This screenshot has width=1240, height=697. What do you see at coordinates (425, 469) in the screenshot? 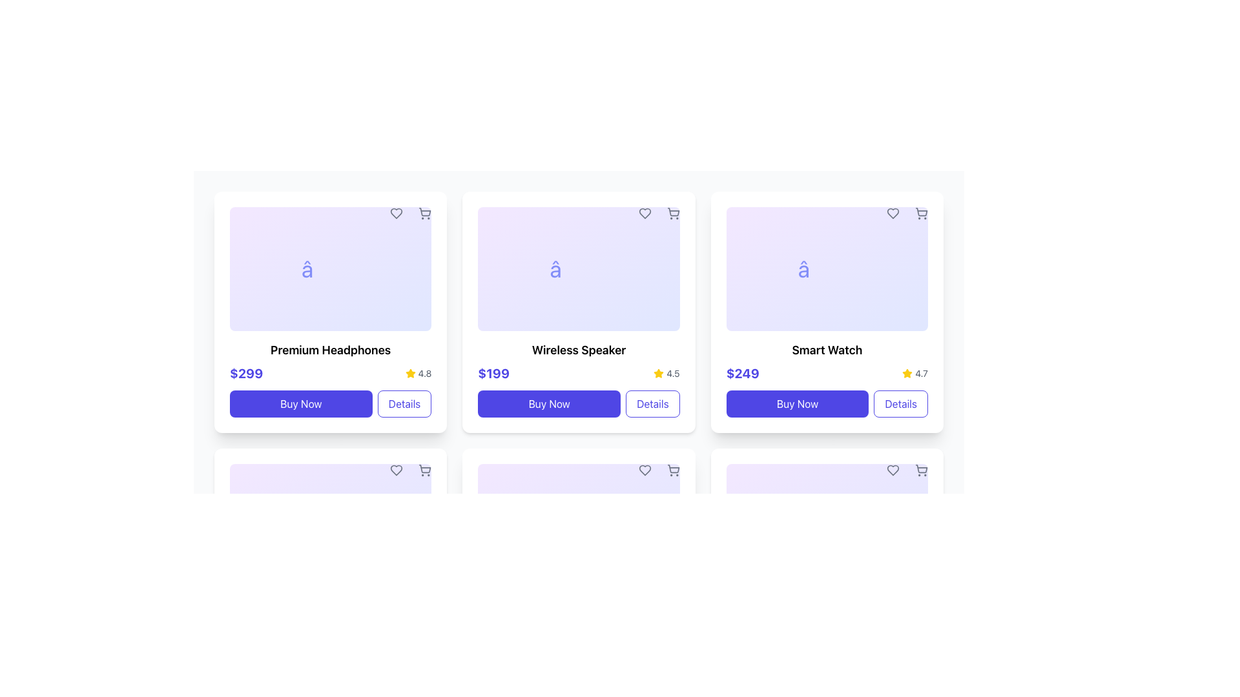
I see `the shopping cart icon located in the top-right corner of the 'Premium Headphones' card` at bounding box center [425, 469].